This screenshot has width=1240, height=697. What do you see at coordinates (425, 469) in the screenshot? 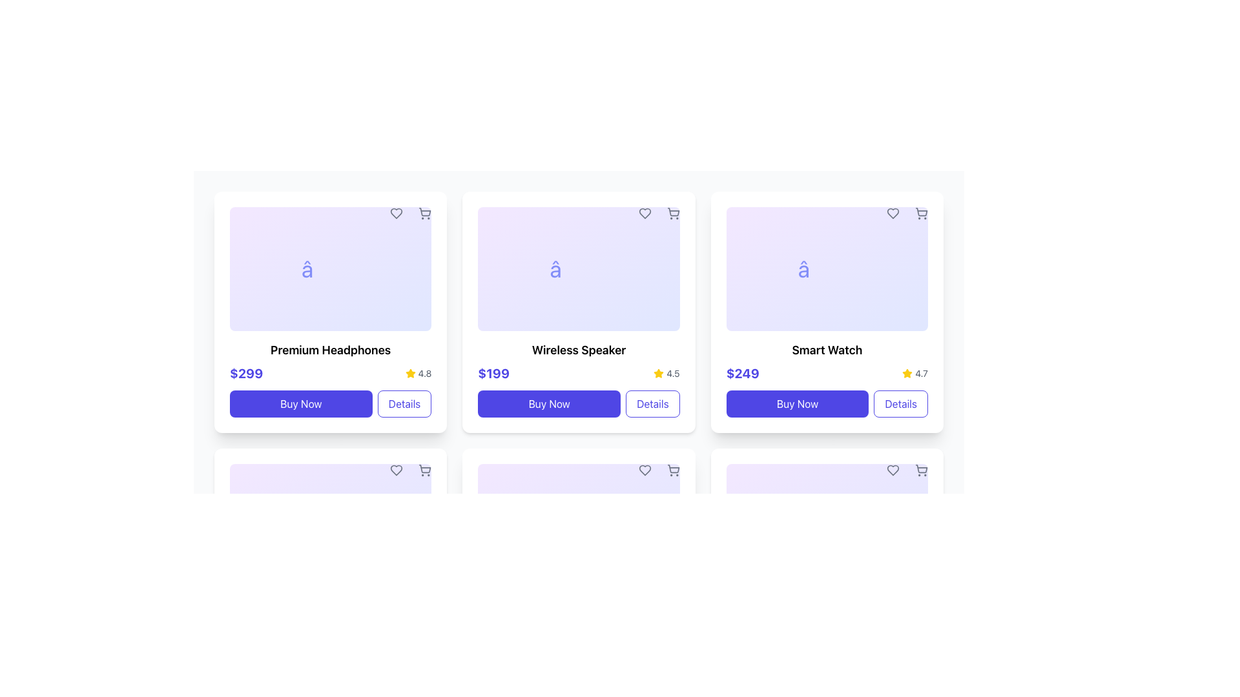
I see `the shopping cart icon located in the top-right corner of the 'Premium Headphones' card` at bounding box center [425, 469].